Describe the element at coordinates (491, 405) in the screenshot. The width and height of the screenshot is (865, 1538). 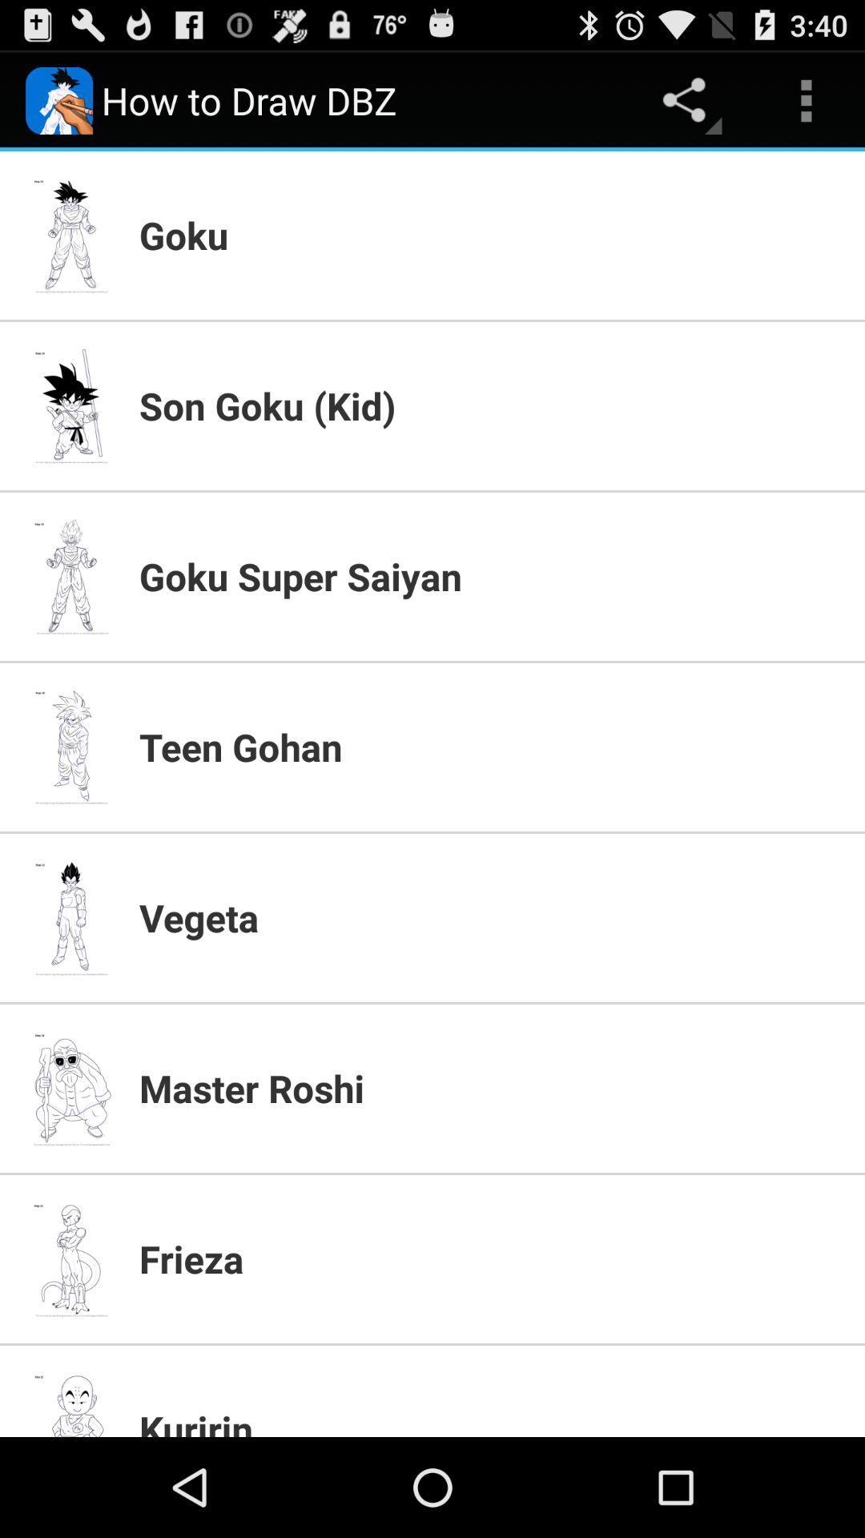
I see `item below the goku icon` at that location.